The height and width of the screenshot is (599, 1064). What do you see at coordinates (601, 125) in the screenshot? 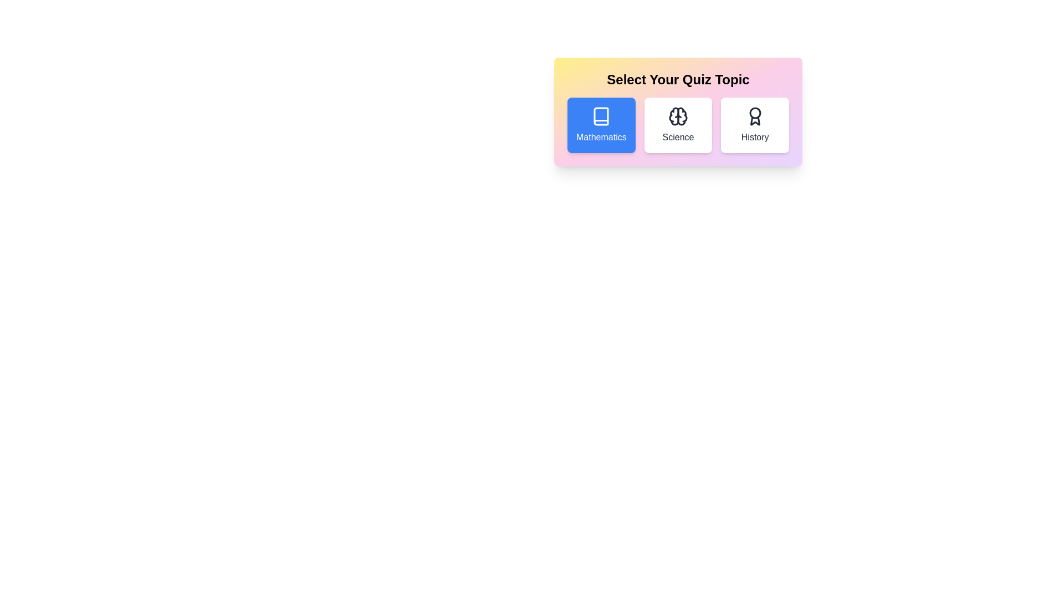
I see `the quiz category Mathematics by clicking on its respective tile` at bounding box center [601, 125].